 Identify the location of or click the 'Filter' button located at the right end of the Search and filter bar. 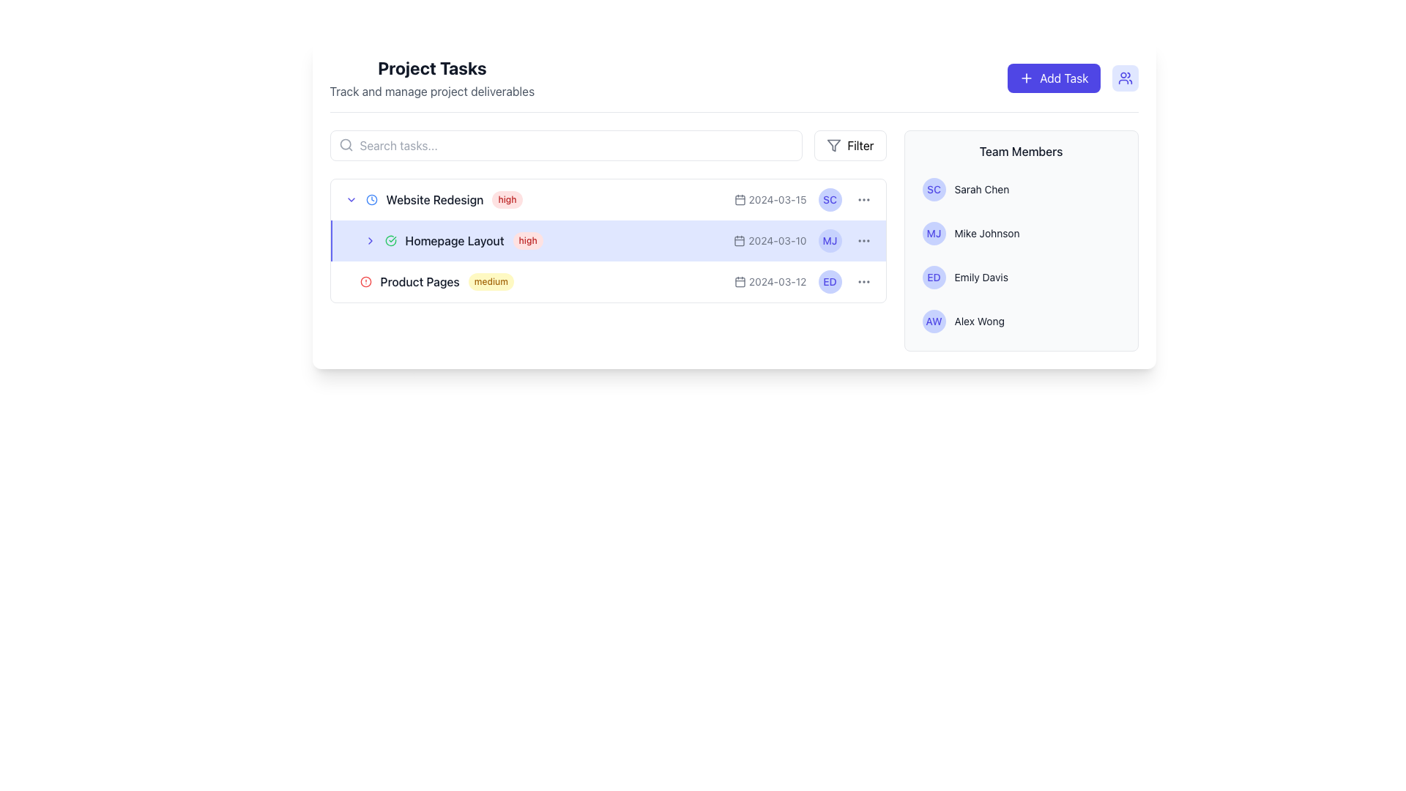
(608, 146).